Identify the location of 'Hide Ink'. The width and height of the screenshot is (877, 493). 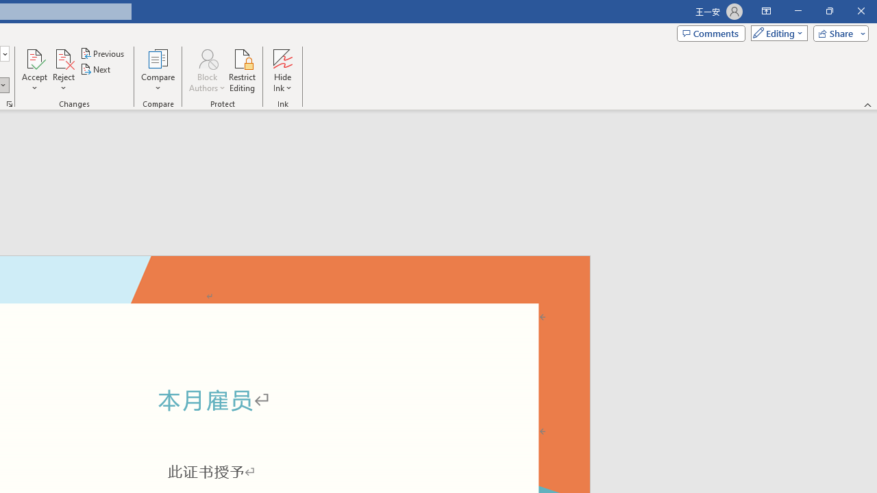
(282, 71).